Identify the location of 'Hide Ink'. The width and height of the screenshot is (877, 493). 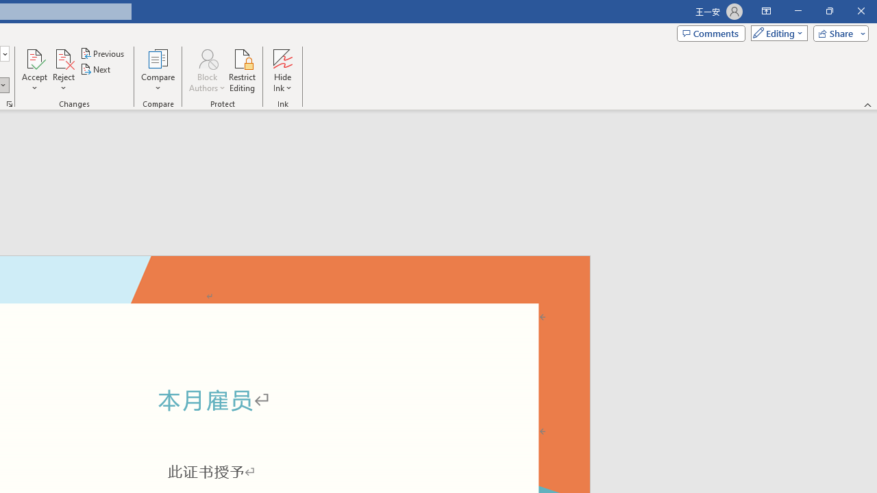
(282, 71).